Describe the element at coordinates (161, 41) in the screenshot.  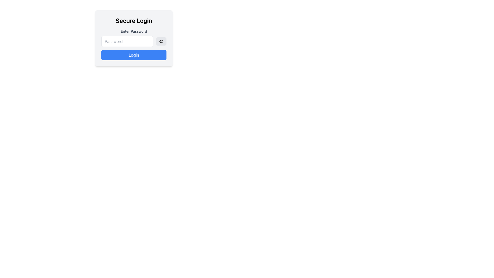
I see `the eye icon used for toggling password visibility, located on the right side of the password input field` at that location.